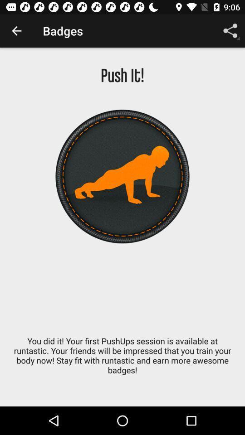 The height and width of the screenshot is (435, 245). What do you see at coordinates (16, 31) in the screenshot?
I see `app next to badges app` at bounding box center [16, 31].